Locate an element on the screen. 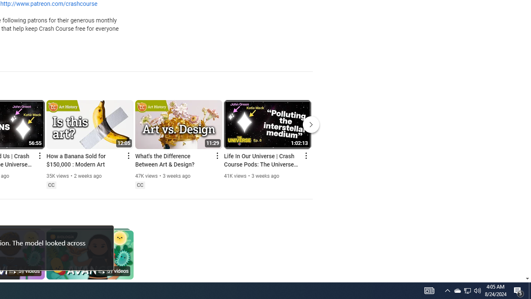 The height and width of the screenshot is (299, 531). 'Closed captions' is located at coordinates (140, 185).